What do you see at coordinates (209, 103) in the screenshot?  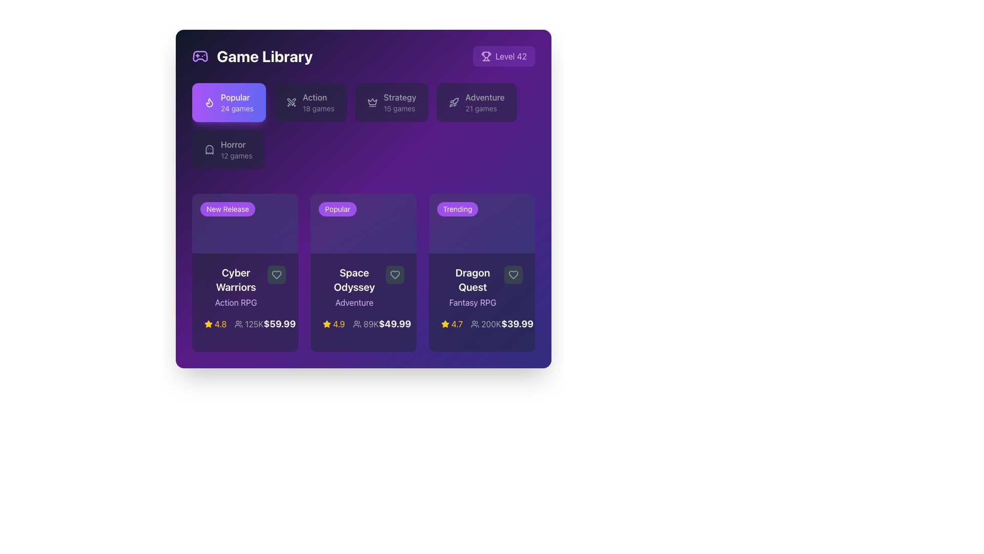 I see `the flame-shaped icon in the left-side navigation bar, located adjacent to the 'Popular' tab and slightly above the listed game categories` at bounding box center [209, 103].